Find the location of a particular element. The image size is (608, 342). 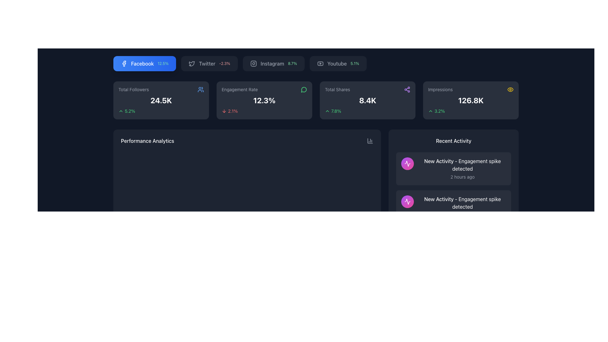

the 'Total Followers' header, which includes a gray text label and a blue icon representing users, located above the numerical value '24.5K' is located at coordinates (161, 89).